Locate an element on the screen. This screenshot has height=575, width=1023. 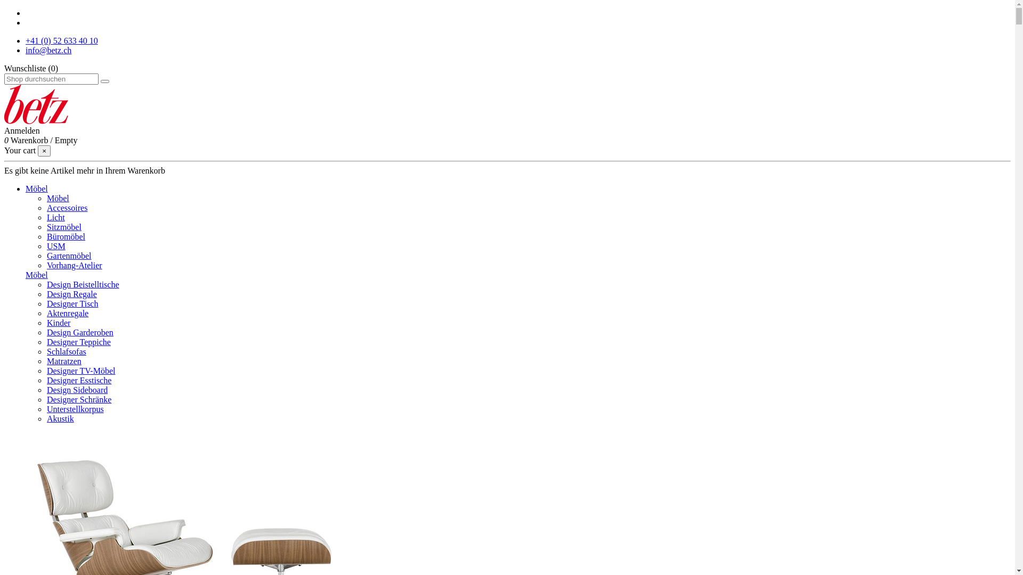
'Designer Tisch' is located at coordinates (71, 303).